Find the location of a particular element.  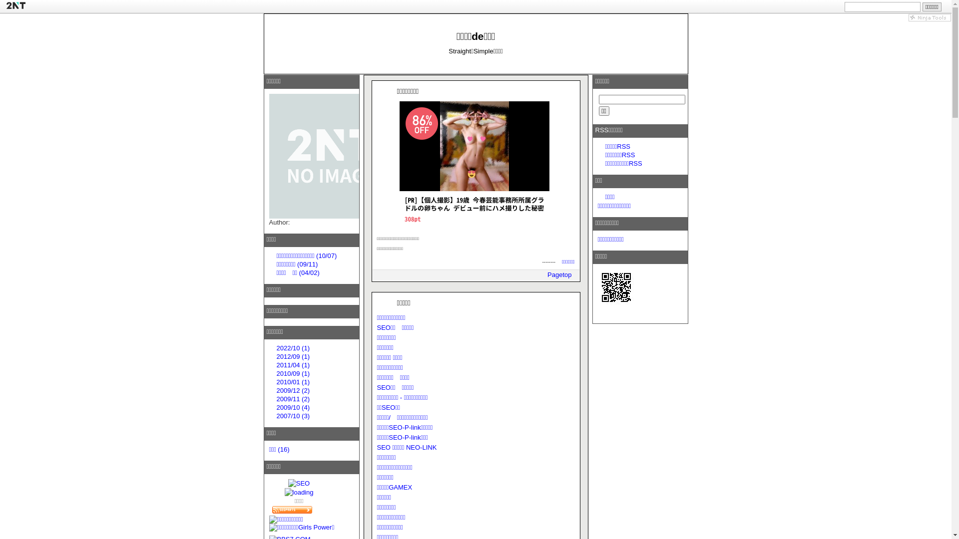

'2010/01 (1)' is located at coordinates (293, 382).